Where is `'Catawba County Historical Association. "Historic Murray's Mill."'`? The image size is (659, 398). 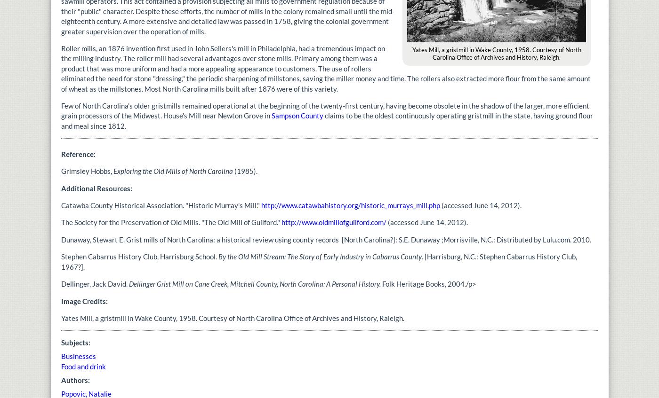
'Catawba County Historical Association. "Historic Murray's Mill."' is located at coordinates (161, 205).